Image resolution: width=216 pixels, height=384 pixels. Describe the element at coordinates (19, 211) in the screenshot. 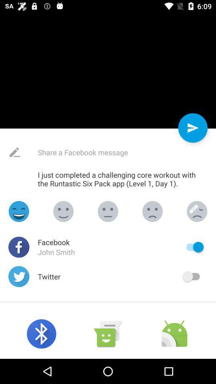

I see `the first smiley option` at that location.